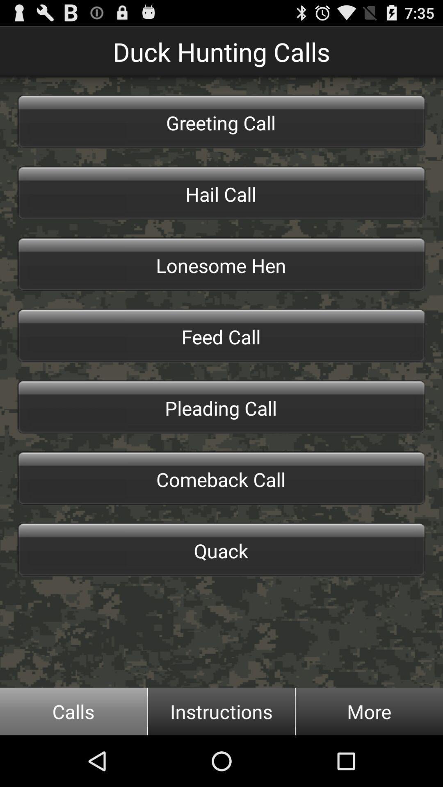  Describe the element at coordinates (221, 192) in the screenshot. I see `hail call` at that location.